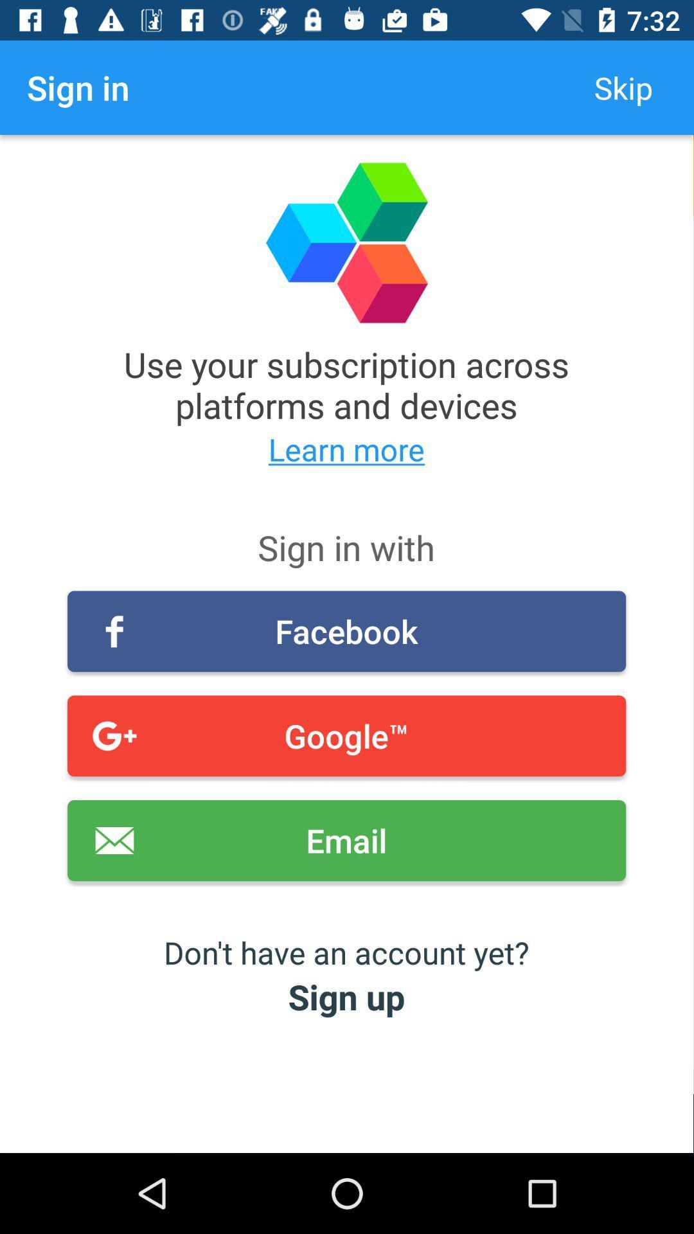 Image resolution: width=694 pixels, height=1234 pixels. What do you see at coordinates (346, 841) in the screenshot?
I see `the email icon` at bounding box center [346, 841].